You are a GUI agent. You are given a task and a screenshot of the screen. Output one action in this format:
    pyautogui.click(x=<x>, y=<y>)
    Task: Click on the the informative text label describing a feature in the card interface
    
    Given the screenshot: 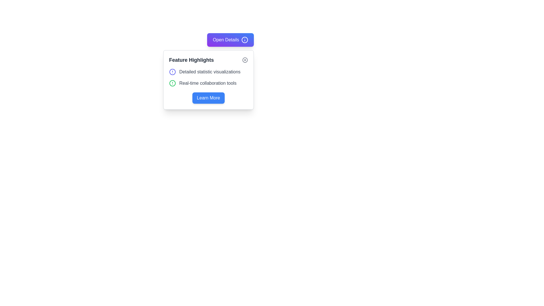 What is the action you would take?
    pyautogui.click(x=207, y=83)
    